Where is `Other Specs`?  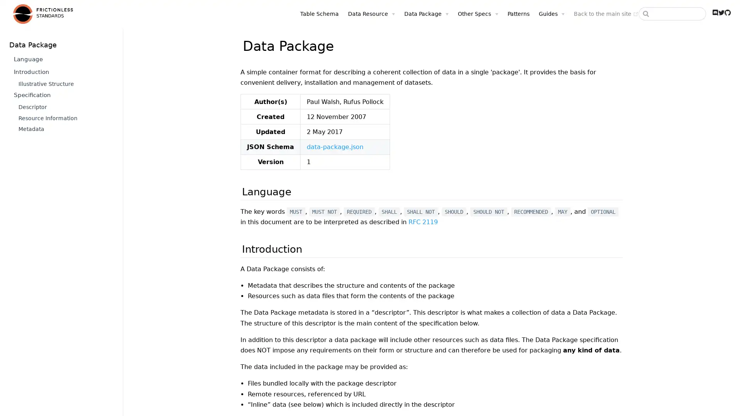
Other Specs is located at coordinates (467, 13).